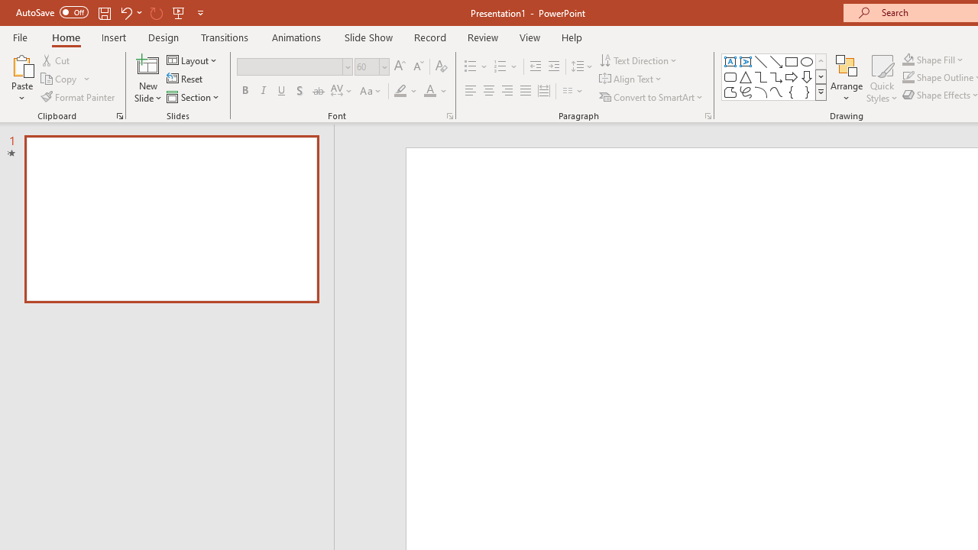 The image size is (978, 550). What do you see at coordinates (746, 61) in the screenshot?
I see `'Vertical Text Box'` at bounding box center [746, 61].